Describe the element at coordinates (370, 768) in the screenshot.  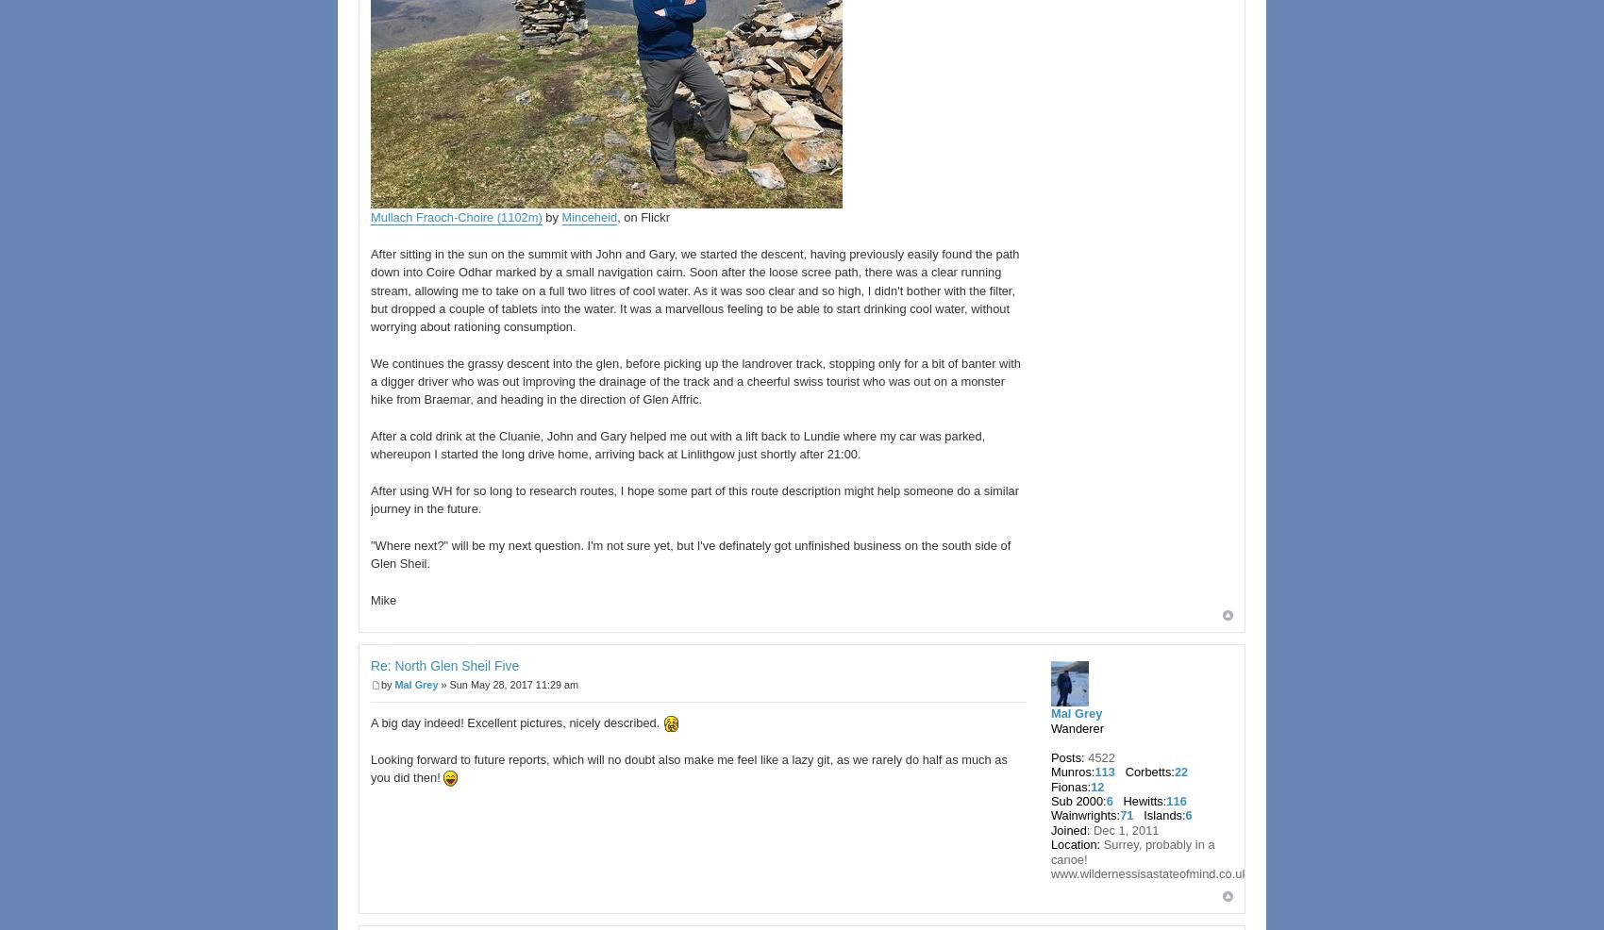
I see `'Looking forward to future reports, which will no doubt also make me feel like a lazy git, as we rarely do half as much as you did then!'` at that location.